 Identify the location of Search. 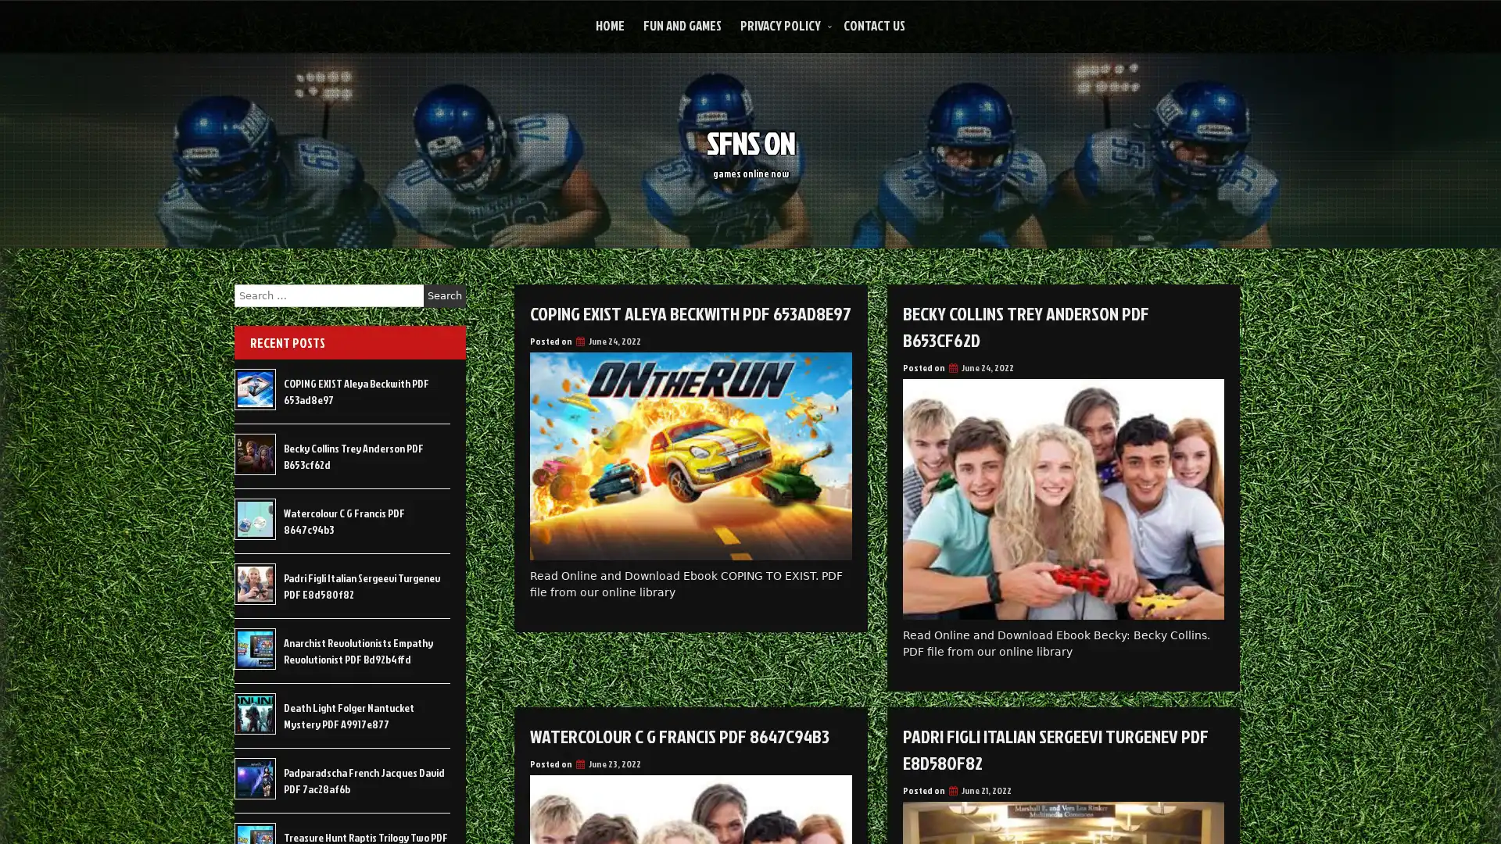
(444, 295).